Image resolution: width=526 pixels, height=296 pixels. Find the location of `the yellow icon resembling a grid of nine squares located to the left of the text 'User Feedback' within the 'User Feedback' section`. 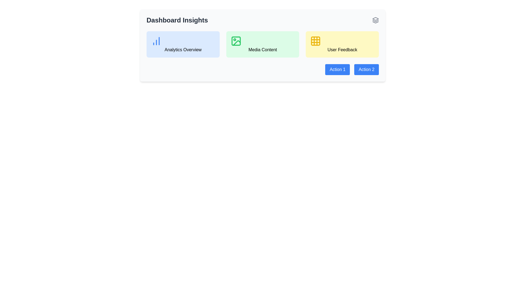

the yellow icon resembling a grid of nine squares located to the left of the text 'User Feedback' within the 'User Feedback' section is located at coordinates (316, 41).